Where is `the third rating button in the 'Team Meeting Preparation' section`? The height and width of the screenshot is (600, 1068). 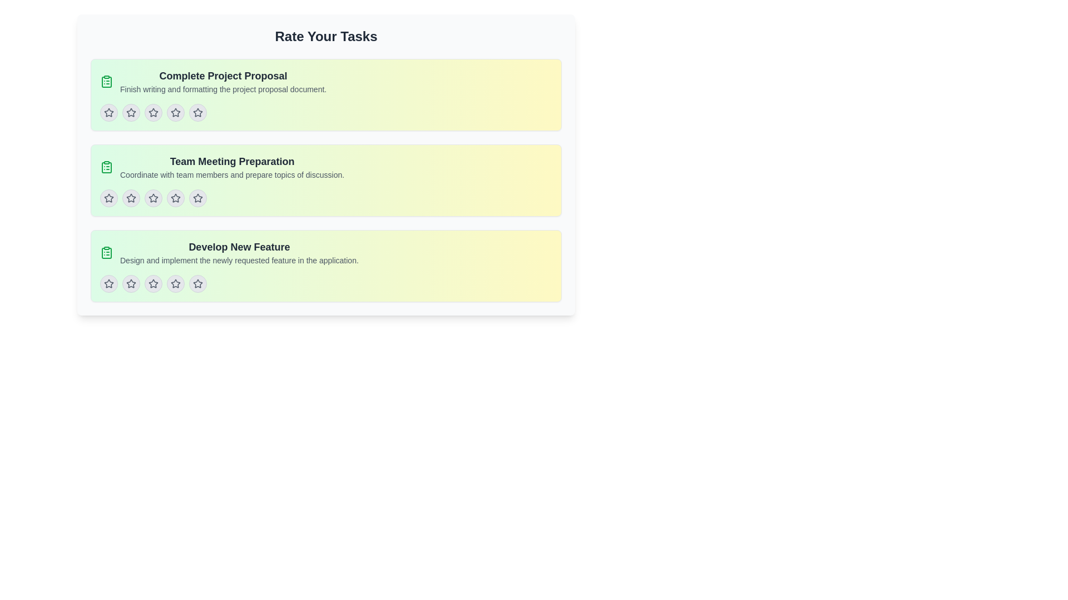 the third rating button in the 'Team Meeting Preparation' section is located at coordinates (152, 198).